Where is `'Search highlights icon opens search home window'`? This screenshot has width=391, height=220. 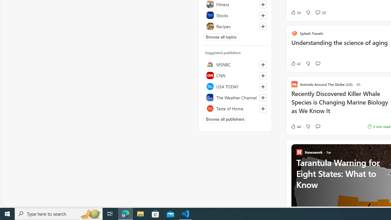
'Search highlights icon opens search home window' is located at coordinates (90, 213).